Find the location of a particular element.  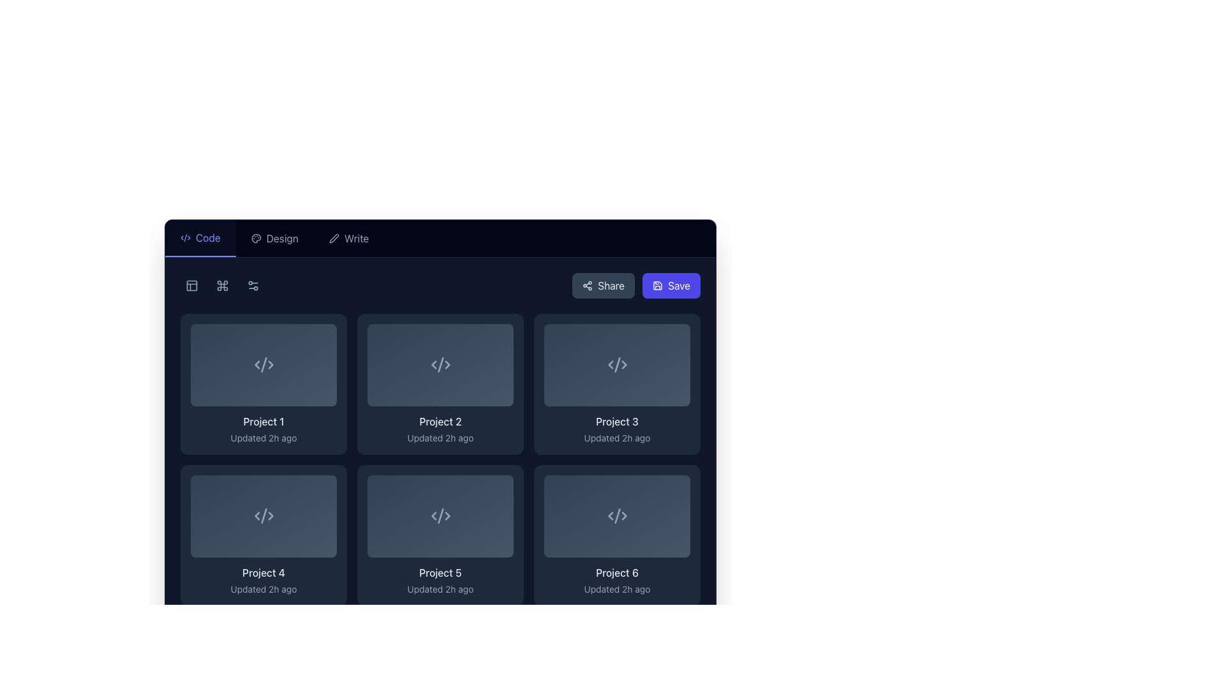

the middle vertical line of the SVG icon within the 'Project 2' card, which is a part of a coding-related symbol is located at coordinates (440, 365).